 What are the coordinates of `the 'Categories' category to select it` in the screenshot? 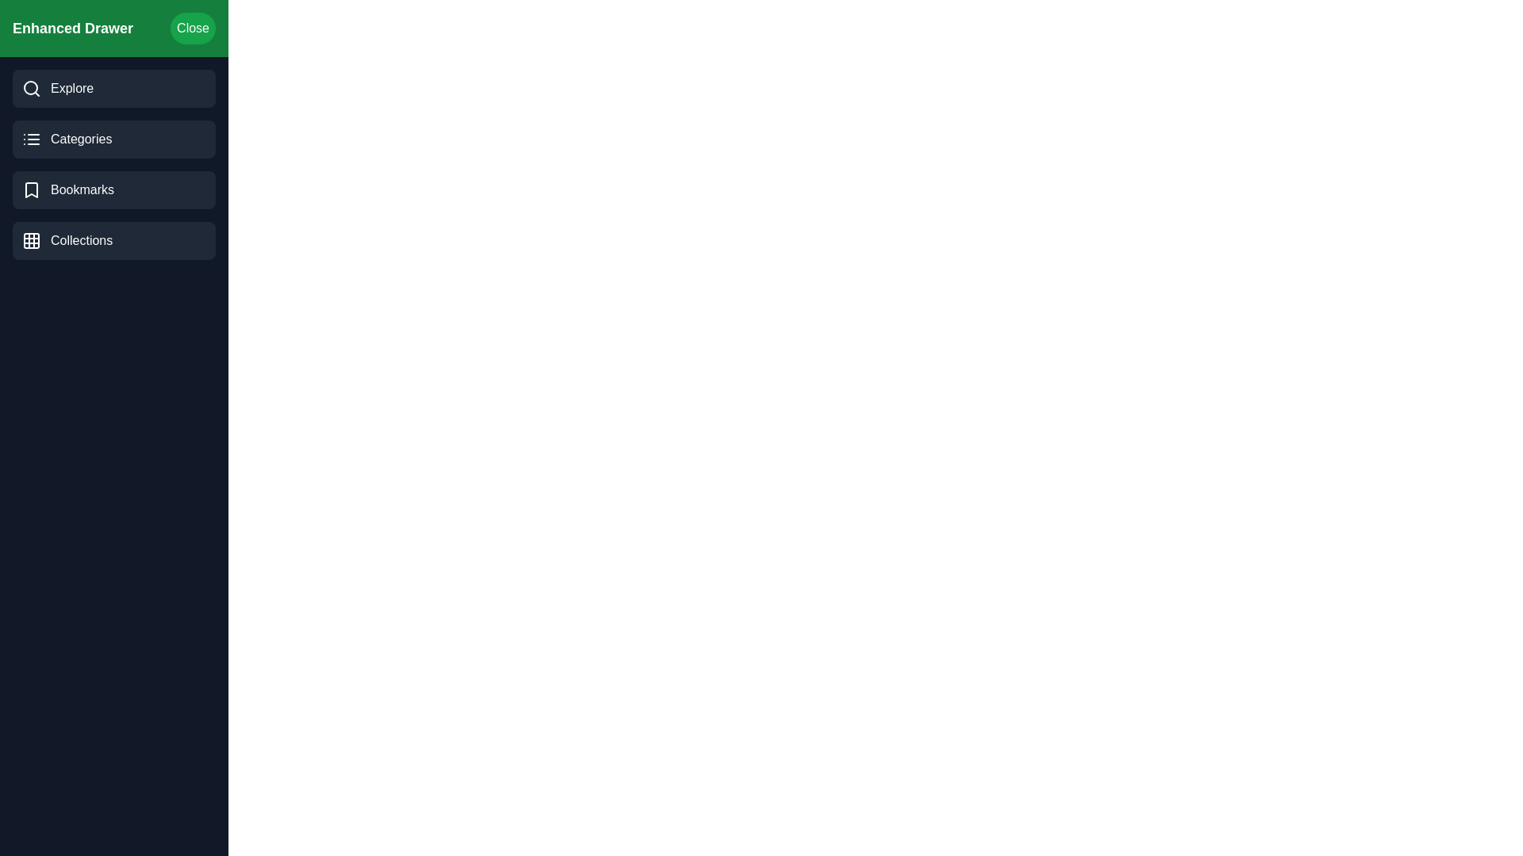 It's located at (113, 139).